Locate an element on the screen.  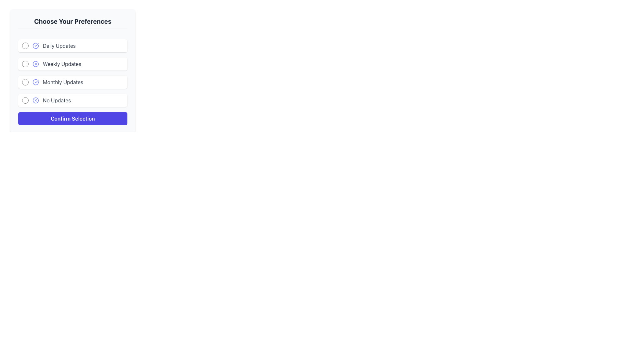
the 'Monthly Updates' selectable option with a radio button is located at coordinates (73, 82).